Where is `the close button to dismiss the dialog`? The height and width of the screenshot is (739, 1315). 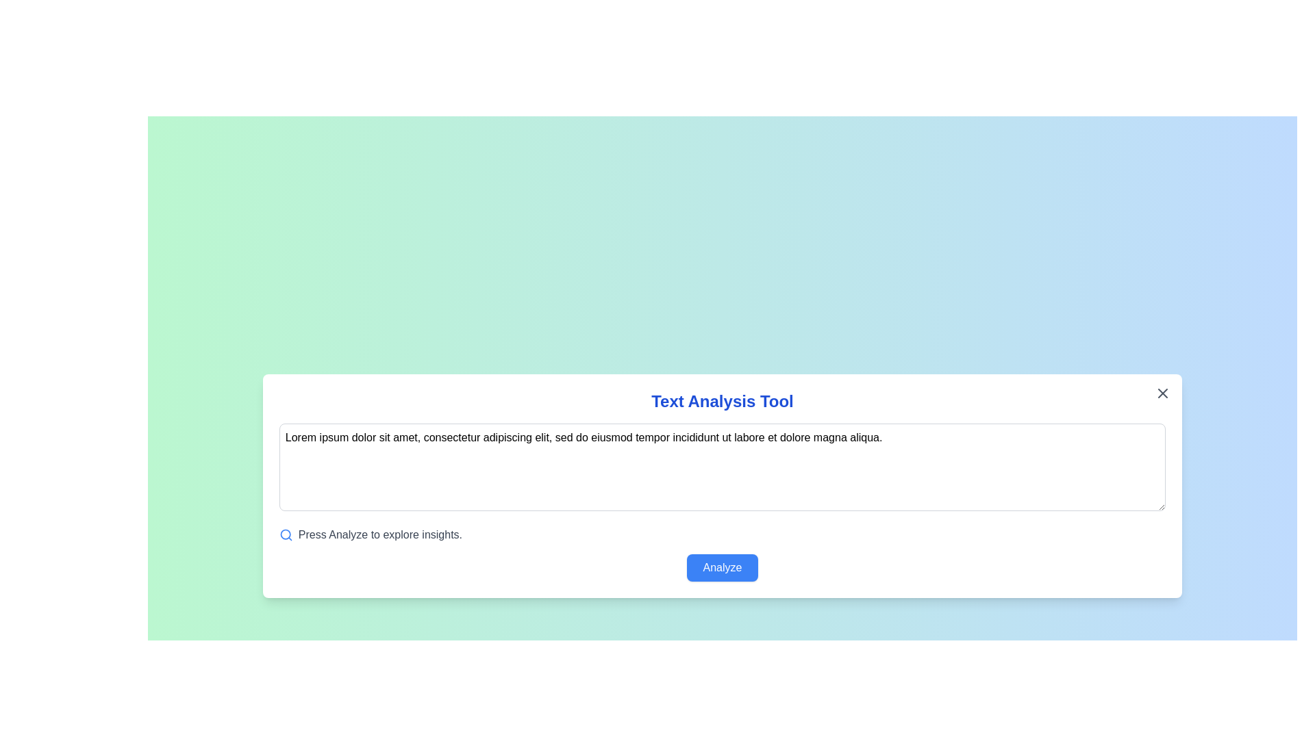
the close button to dismiss the dialog is located at coordinates (1162, 393).